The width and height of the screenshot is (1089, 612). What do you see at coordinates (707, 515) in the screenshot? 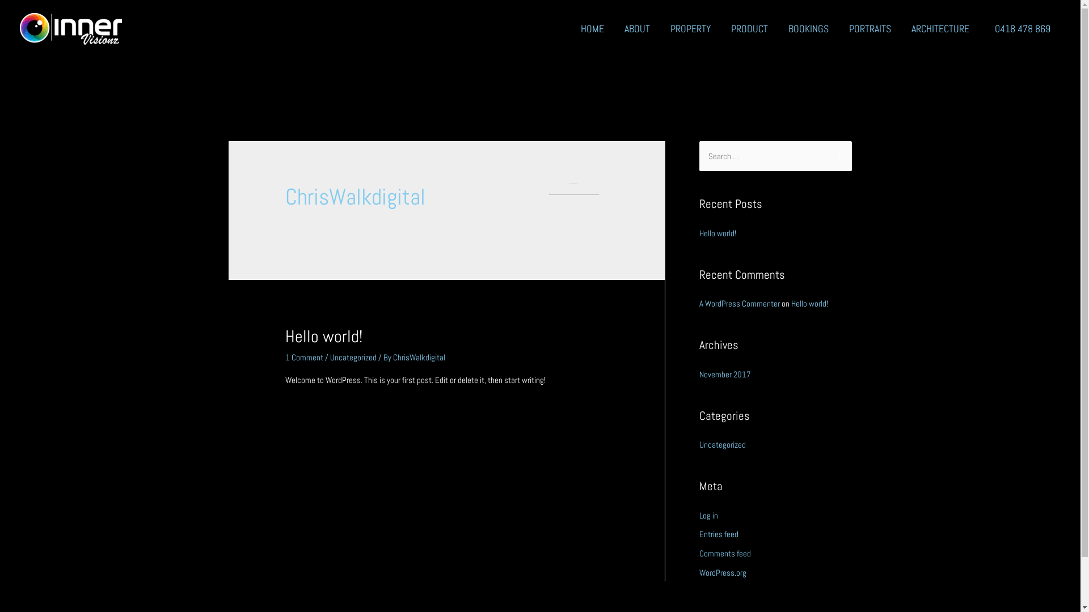
I see `'Log in'` at bounding box center [707, 515].